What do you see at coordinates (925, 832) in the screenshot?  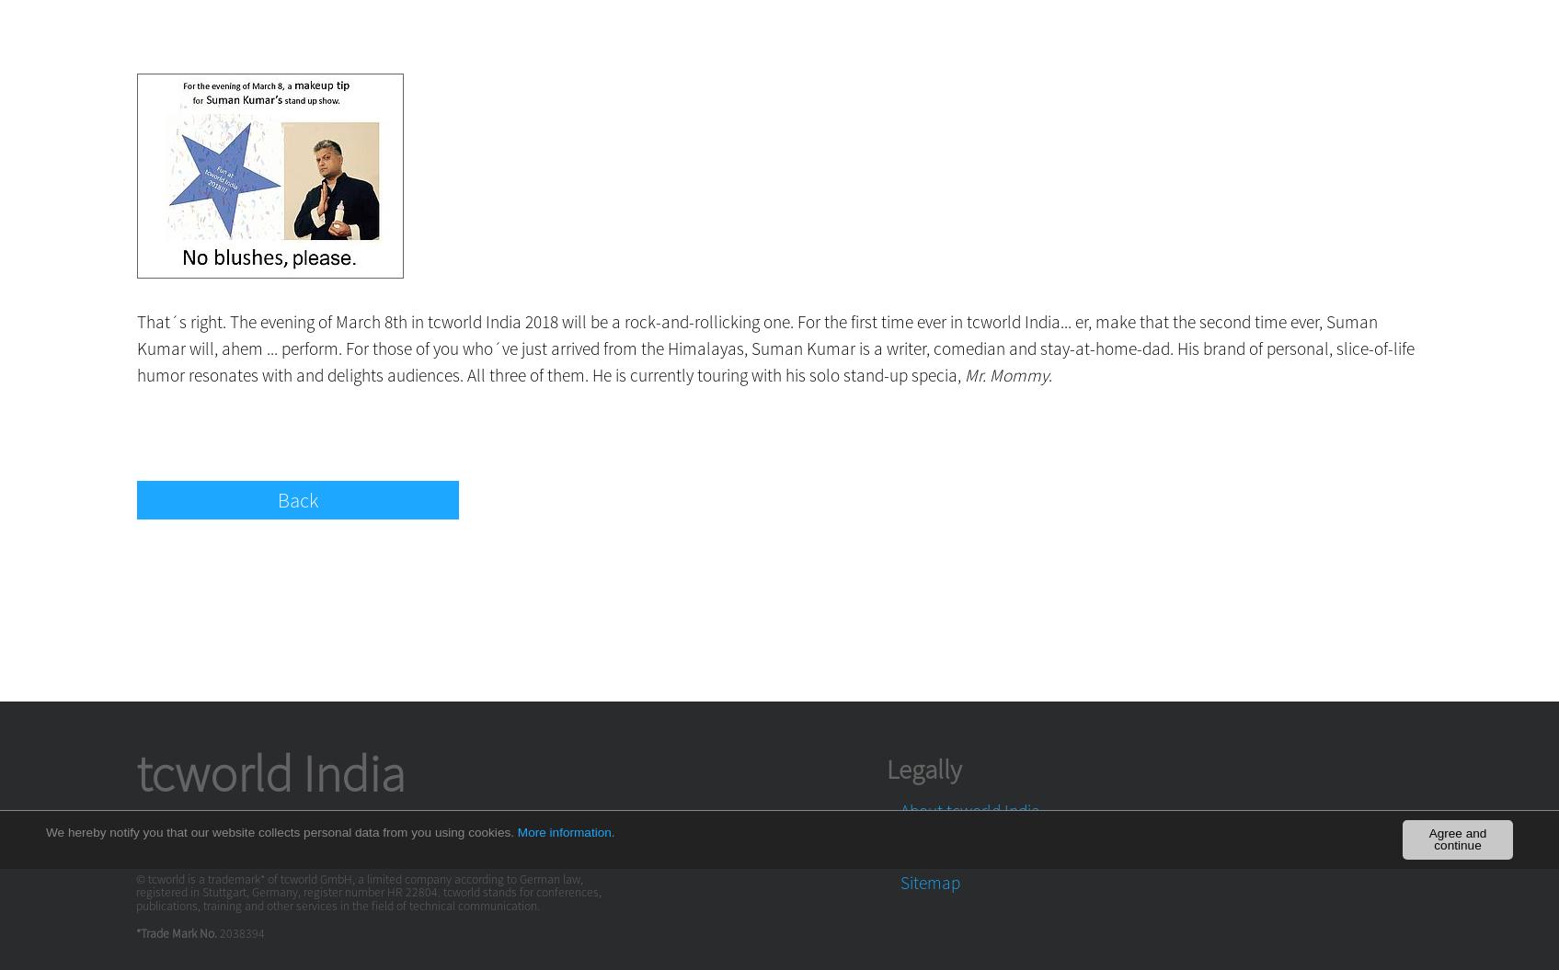 I see `'Imprint'` at bounding box center [925, 832].